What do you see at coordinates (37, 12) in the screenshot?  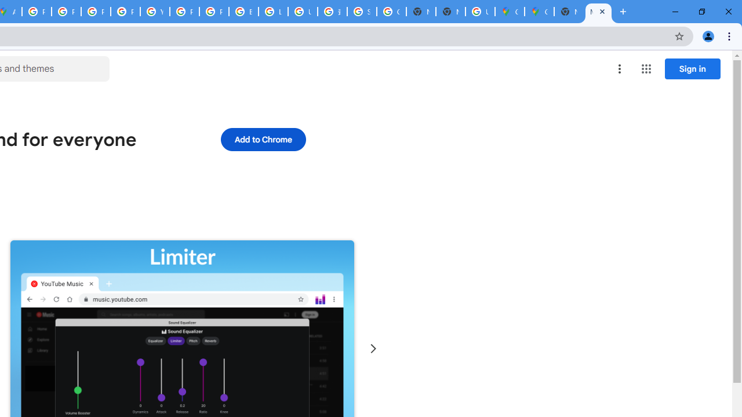 I see `'Policy Accountability and Transparency - Transparency Center'` at bounding box center [37, 12].